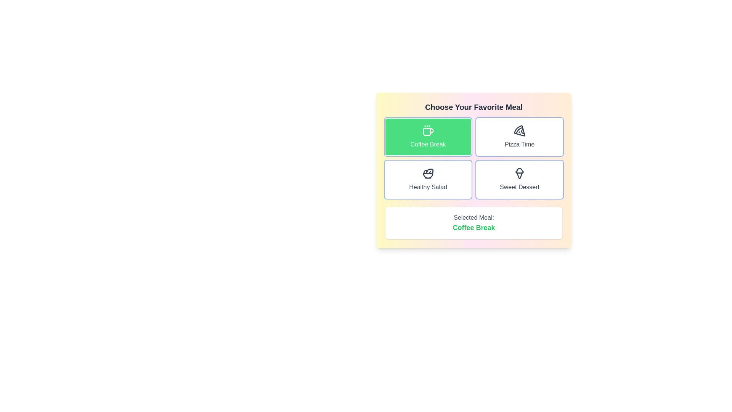 This screenshot has width=732, height=412. Describe the element at coordinates (428, 179) in the screenshot. I see `the button corresponding to the meal Healthy Salad to select it` at that location.